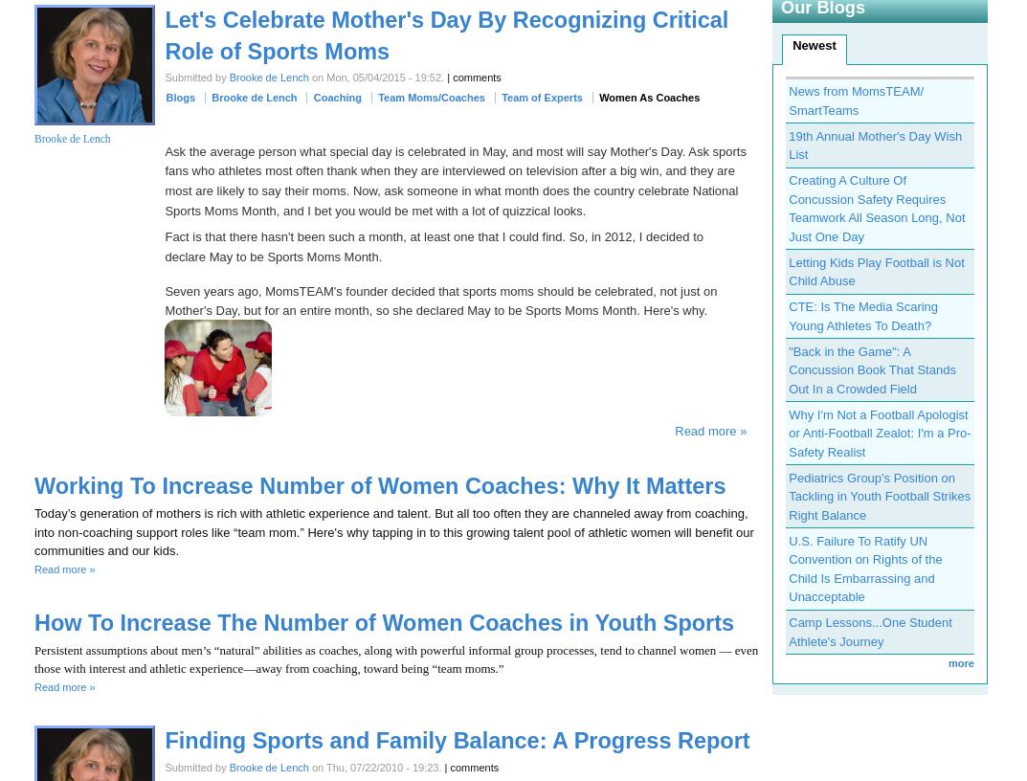 The width and height of the screenshot is (1027, 781). What do you see at coordinates (788, 270) in the screenshot?
I see `'Letting Kids Play Football is Not Child Abuse'` at bounding box center [788, 270].